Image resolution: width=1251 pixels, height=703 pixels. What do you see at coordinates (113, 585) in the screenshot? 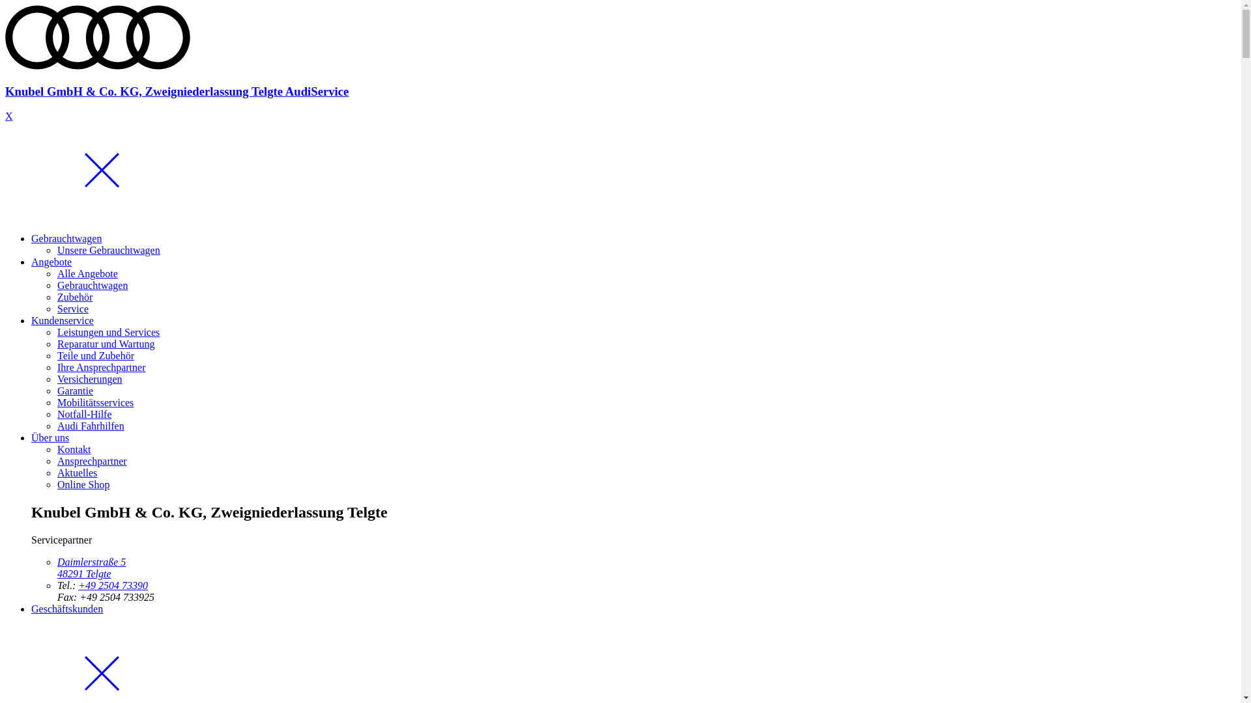
I see `'+49 2504 73390'` at bounding box center [113, 585].